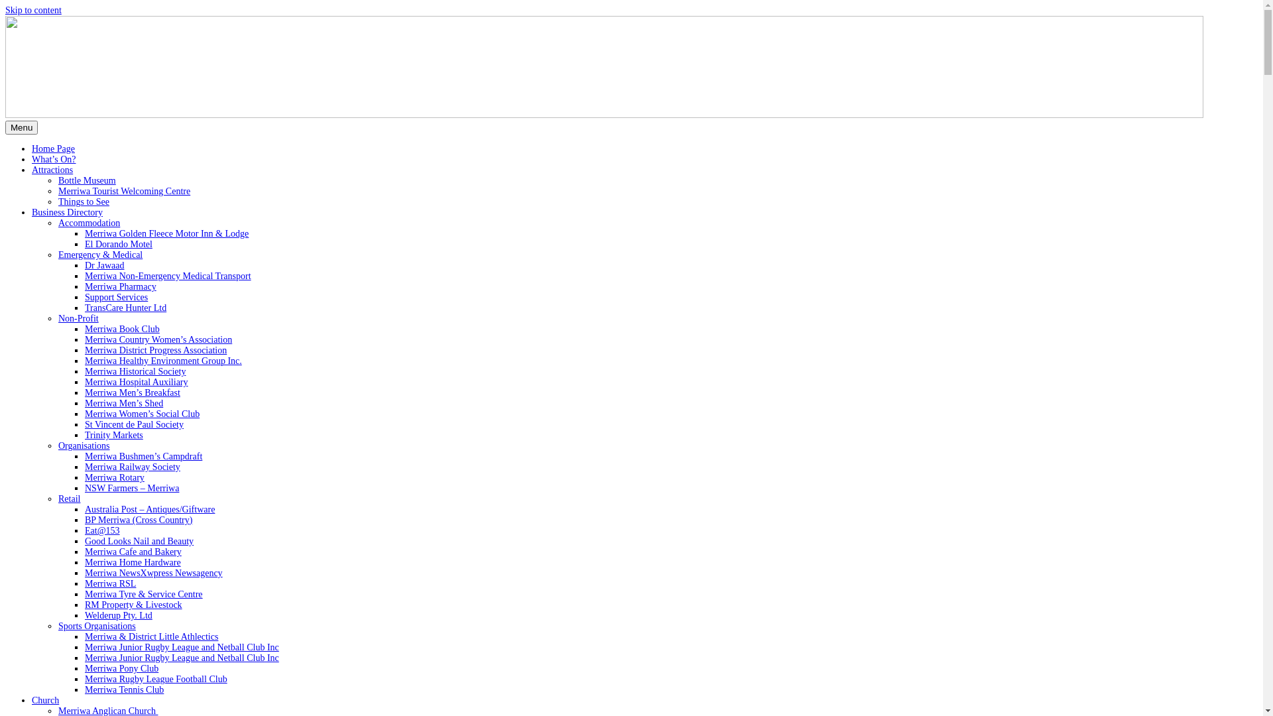 The image size is (1273, 716). What do you see at coordinates (143, 593) in the screenshot?
I see `'Merriwa Tyre & Service Centre'` at bounding box center [143, 593].